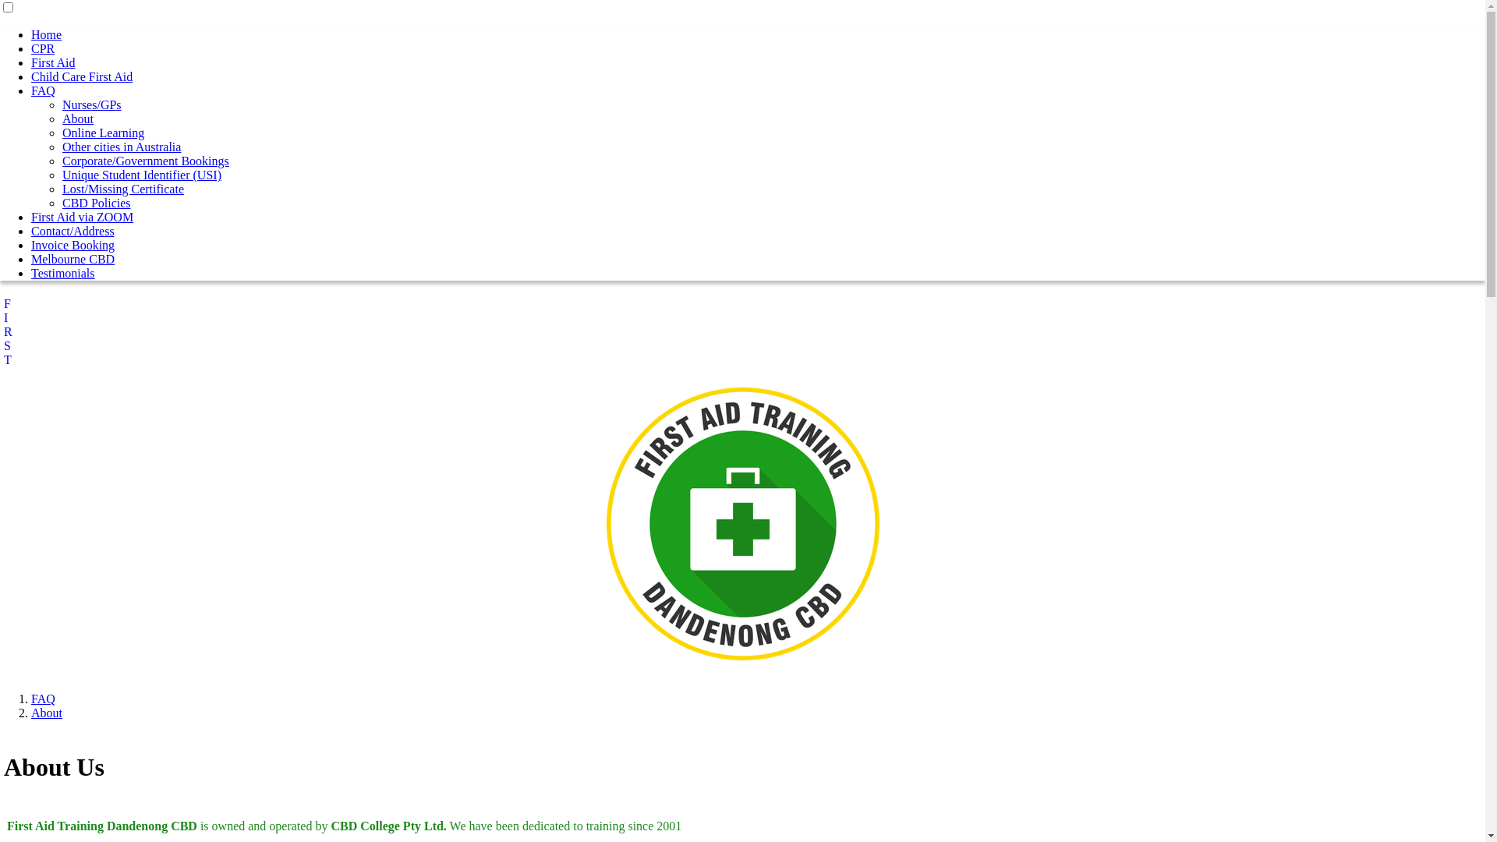  Describe the element at coordinates (72, 245) in the screenshot. I see `'Invoice Booking'` at that location.